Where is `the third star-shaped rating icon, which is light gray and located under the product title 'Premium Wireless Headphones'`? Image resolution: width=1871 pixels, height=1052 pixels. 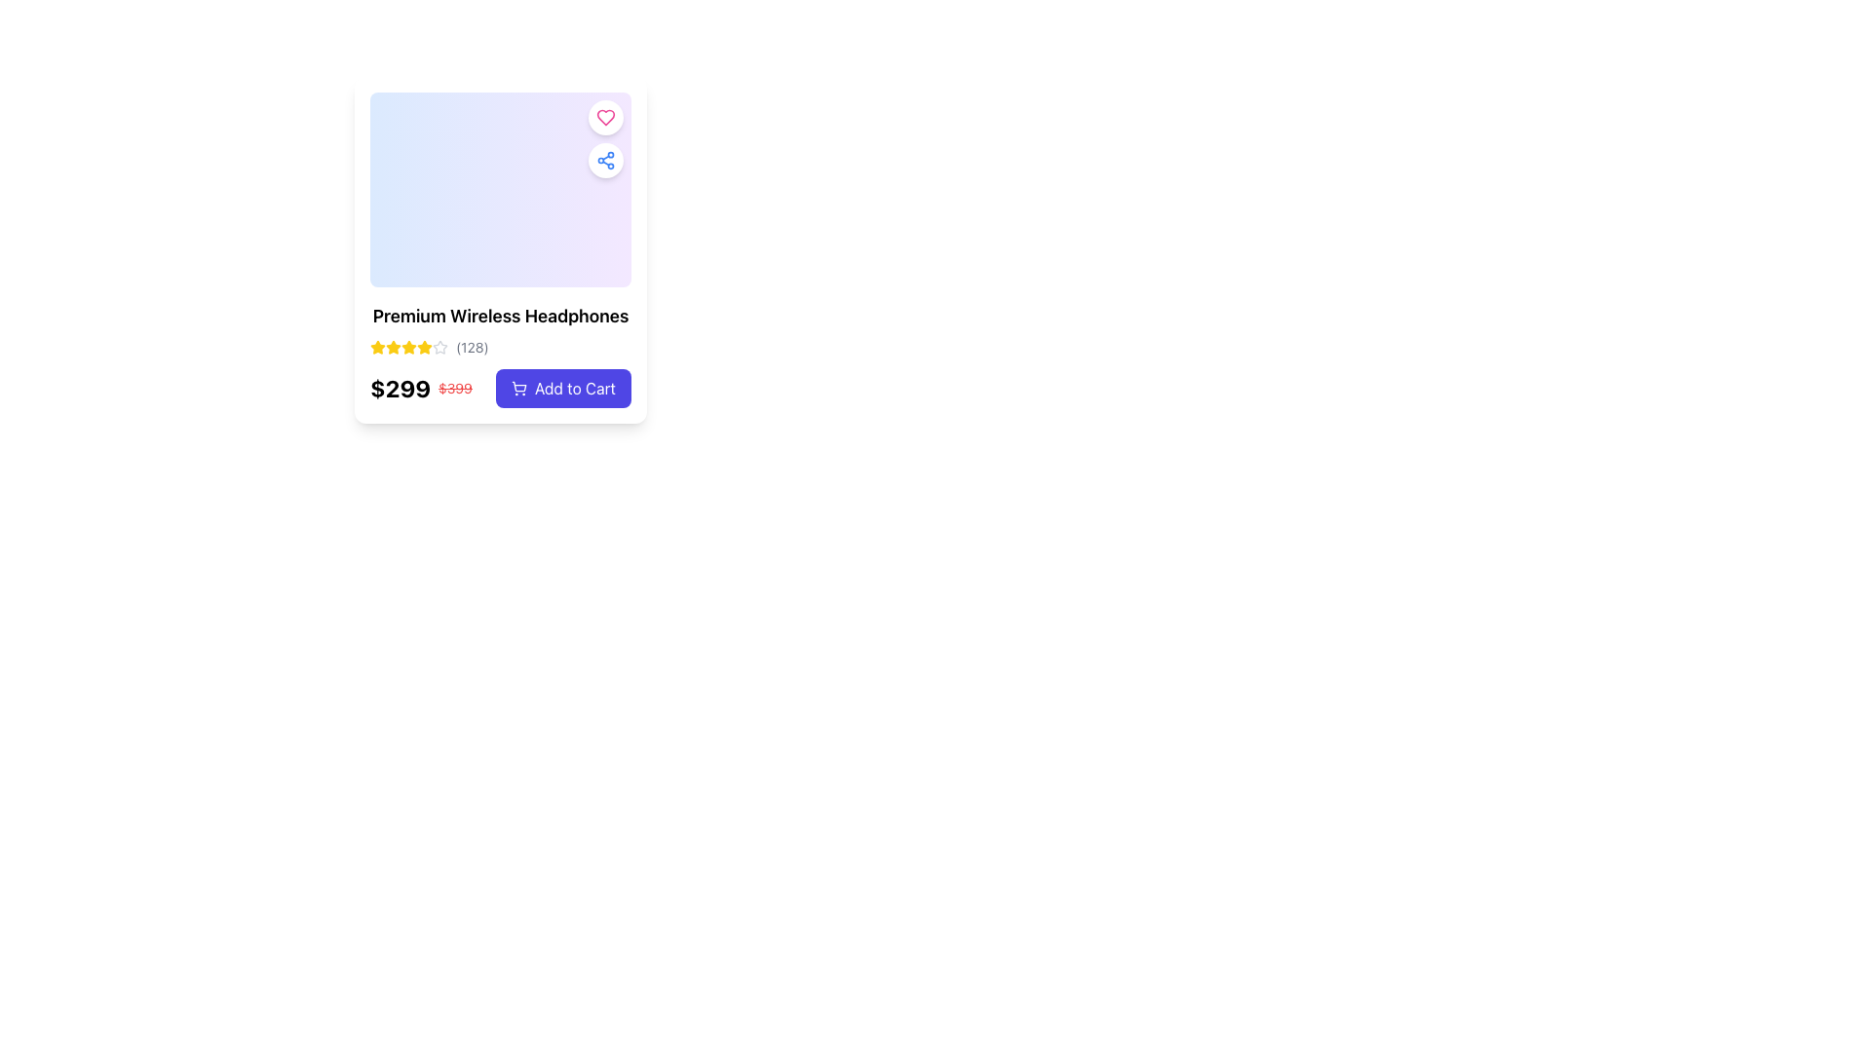
the third star-shaped rating icon, which is light gray and located under the product title 'Premium Wireless Headphones' is located at coordinates (439, 346).